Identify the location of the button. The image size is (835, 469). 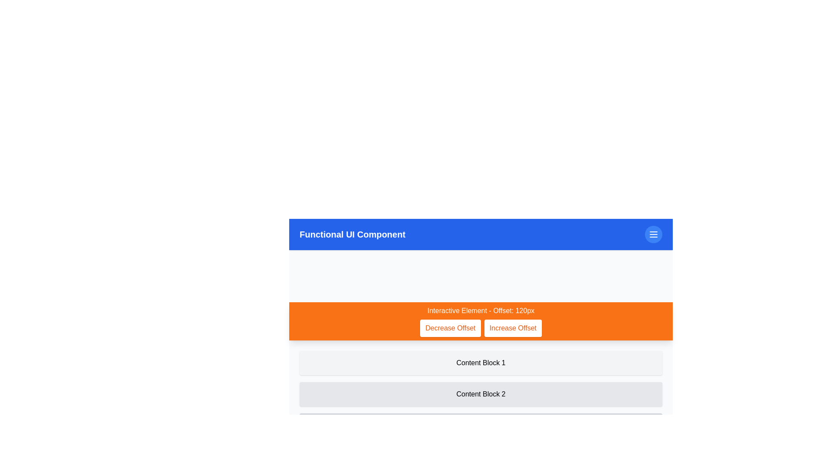
(653, 234).